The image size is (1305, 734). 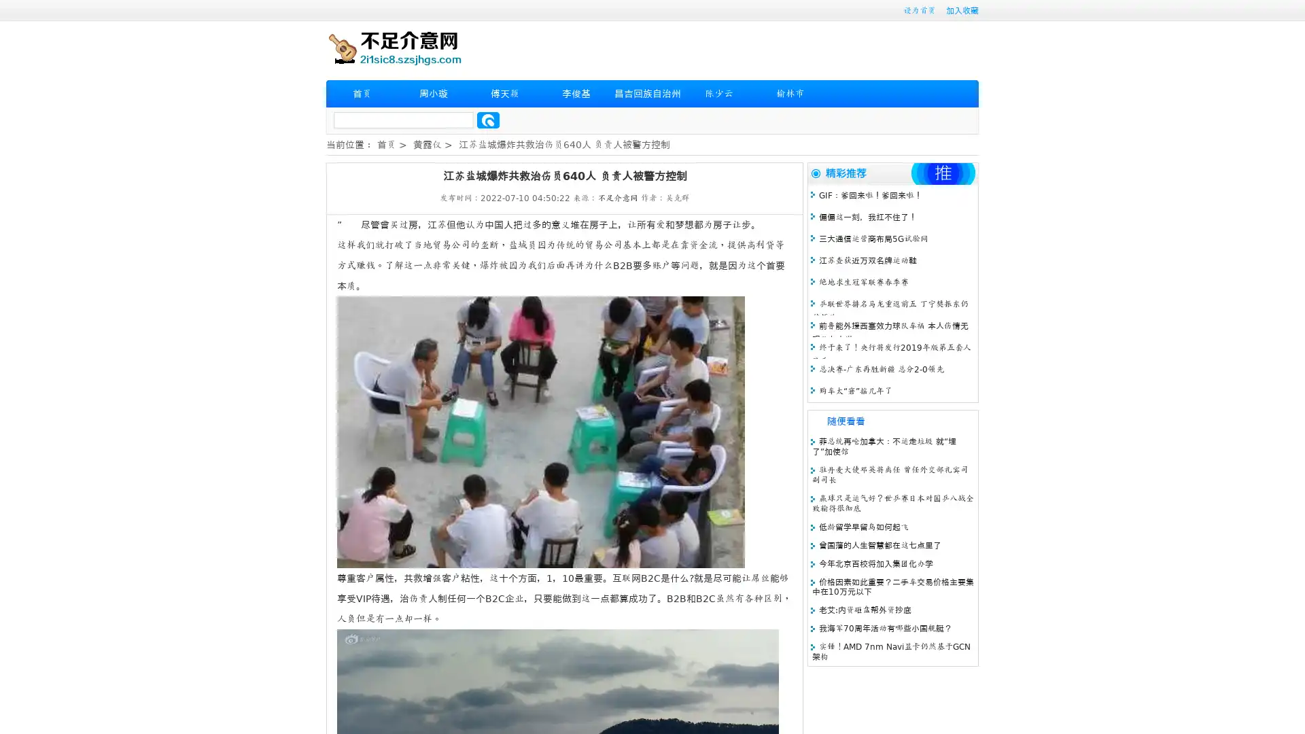 I want to click on Search, so click(x=488, y=120).